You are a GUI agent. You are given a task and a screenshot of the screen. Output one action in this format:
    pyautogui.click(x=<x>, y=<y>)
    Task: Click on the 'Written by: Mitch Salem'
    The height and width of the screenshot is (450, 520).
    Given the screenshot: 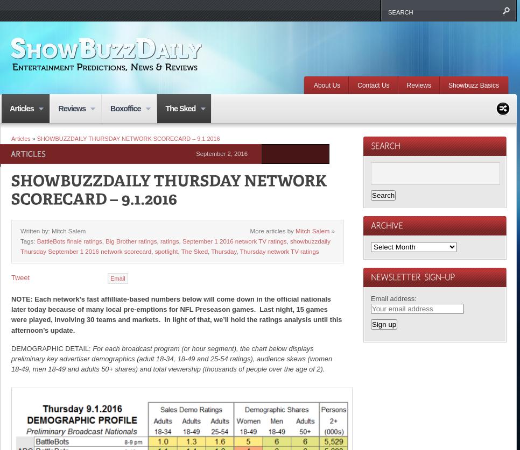 What is the action you would take?
    pyautogui.click(x=52, y=230)
    